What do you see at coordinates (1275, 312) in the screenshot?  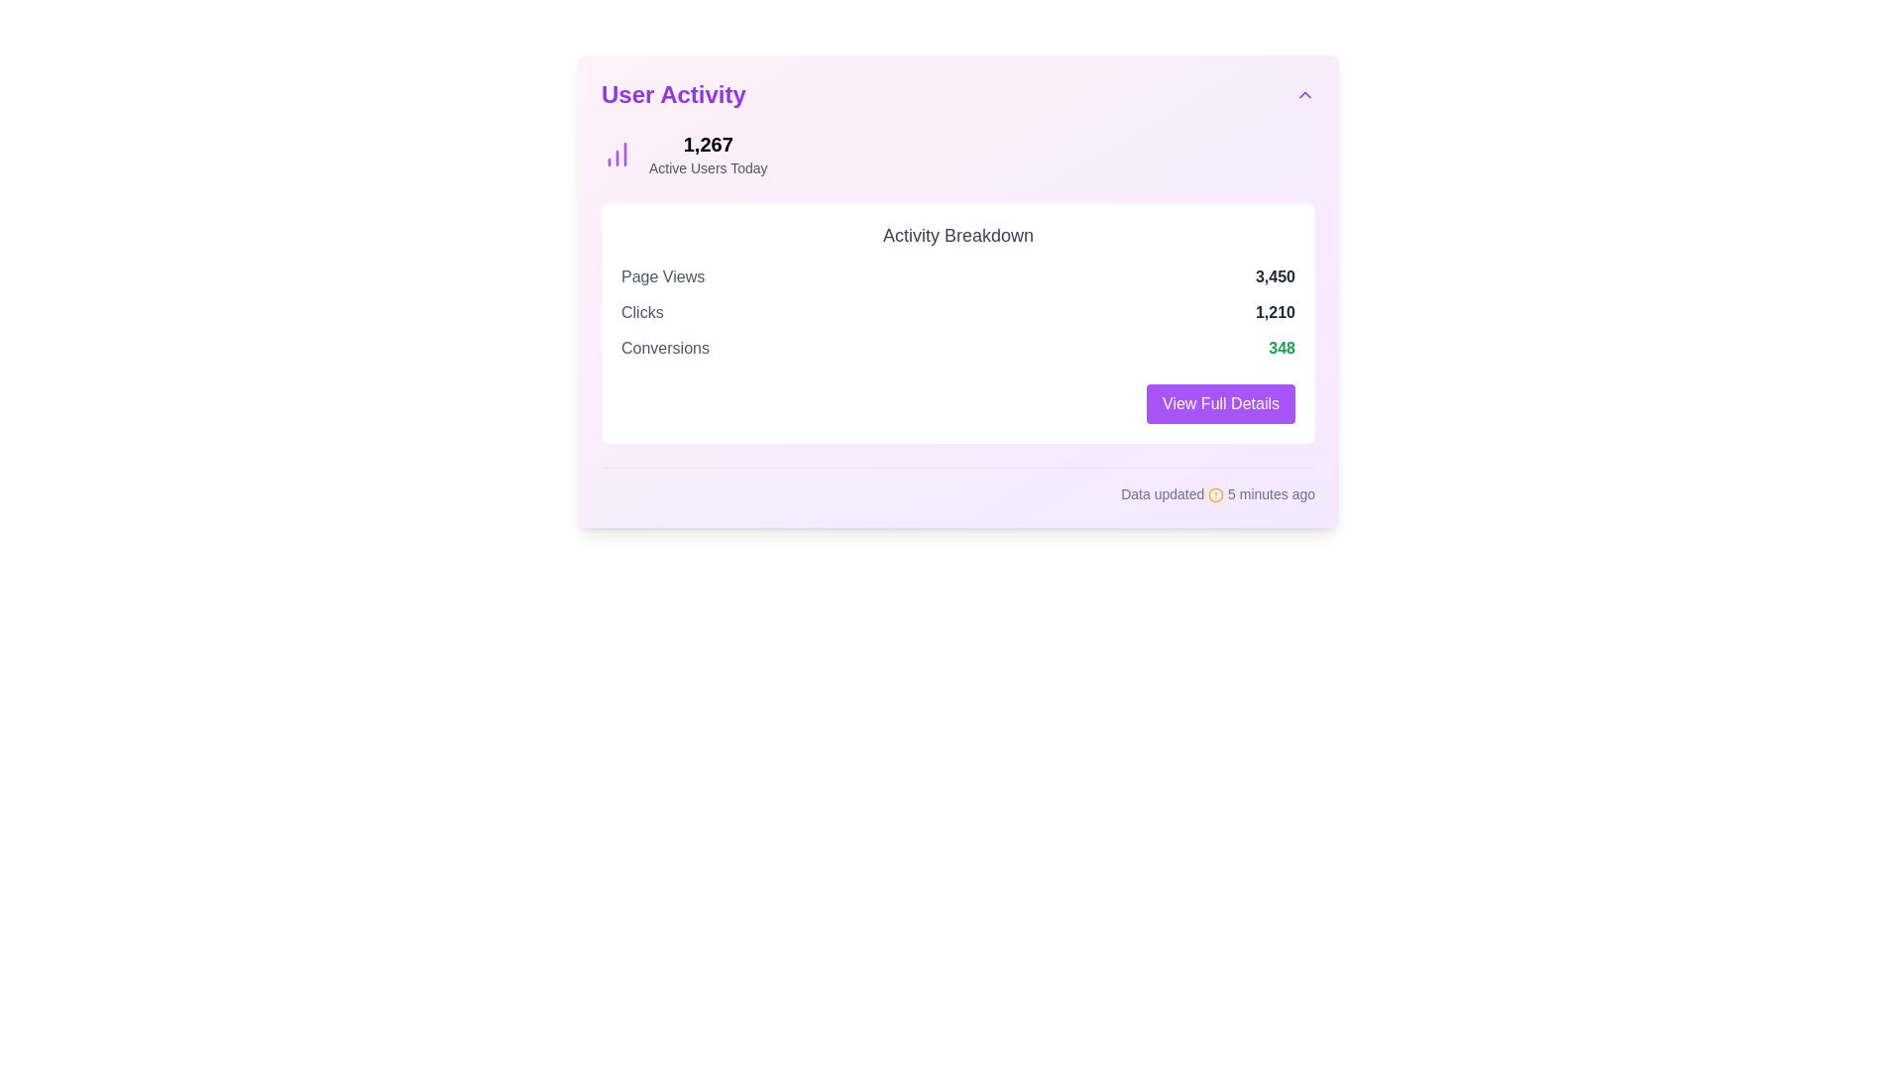 I see `the Text Label displaying the total number of clicks in the Activity Breakdown section, which is located to the right of the 'Clicks' label and above 'Conversions'` at bounding box center [1275, 312].